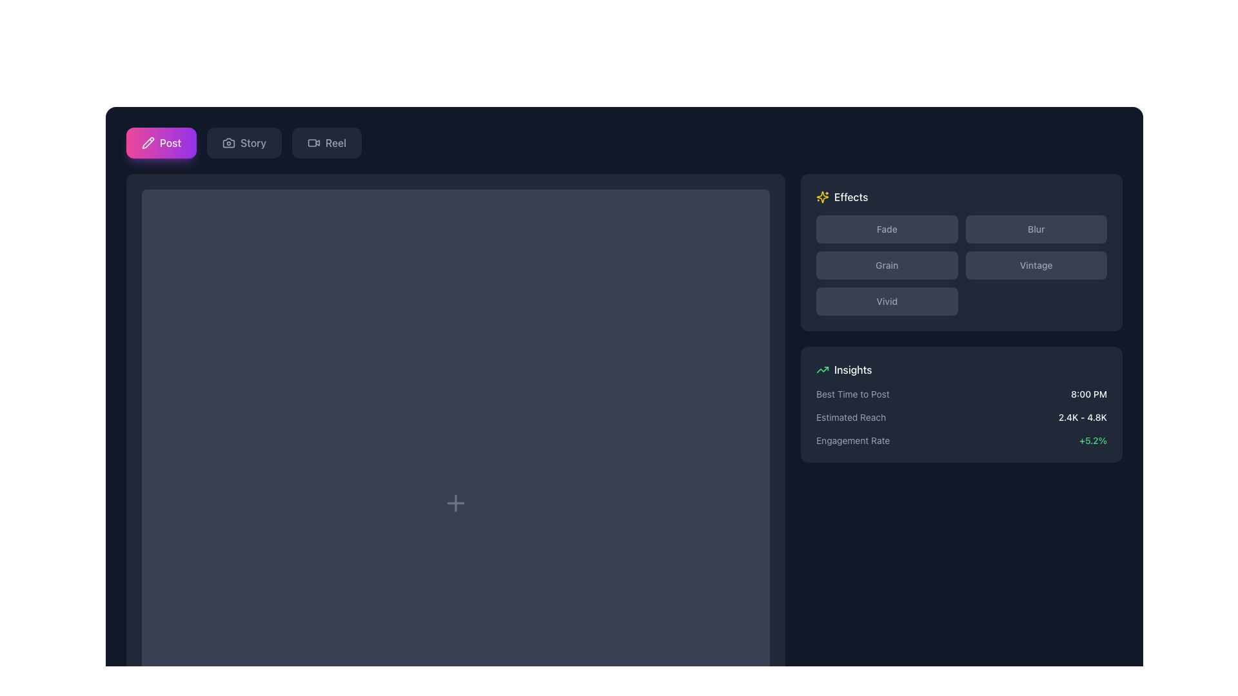 The height and width of the screenshot is (696, 1238). I want to click on the visual contribution of the green slanted line segment that is part of the trending-upward arrow graphic in the Insights panel, so click(822, 370).